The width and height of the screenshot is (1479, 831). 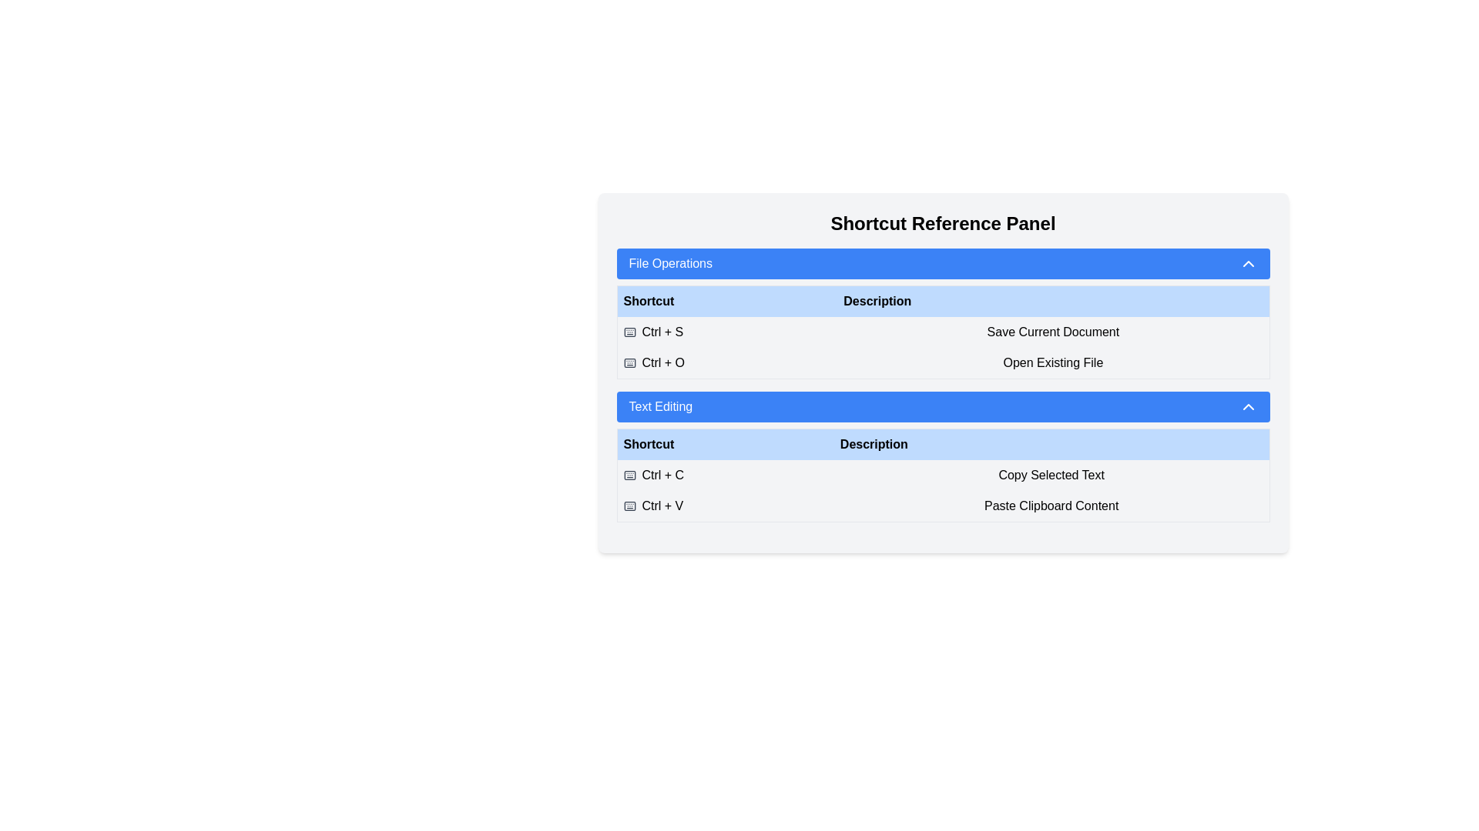 I want to click on the Informative Table Row that provides information about the keyboard shortcut 'Ctrl + C' for copying selected text, located in the 'Text Editing' section of the shortcut reference panel, so click(x=942, y=474).